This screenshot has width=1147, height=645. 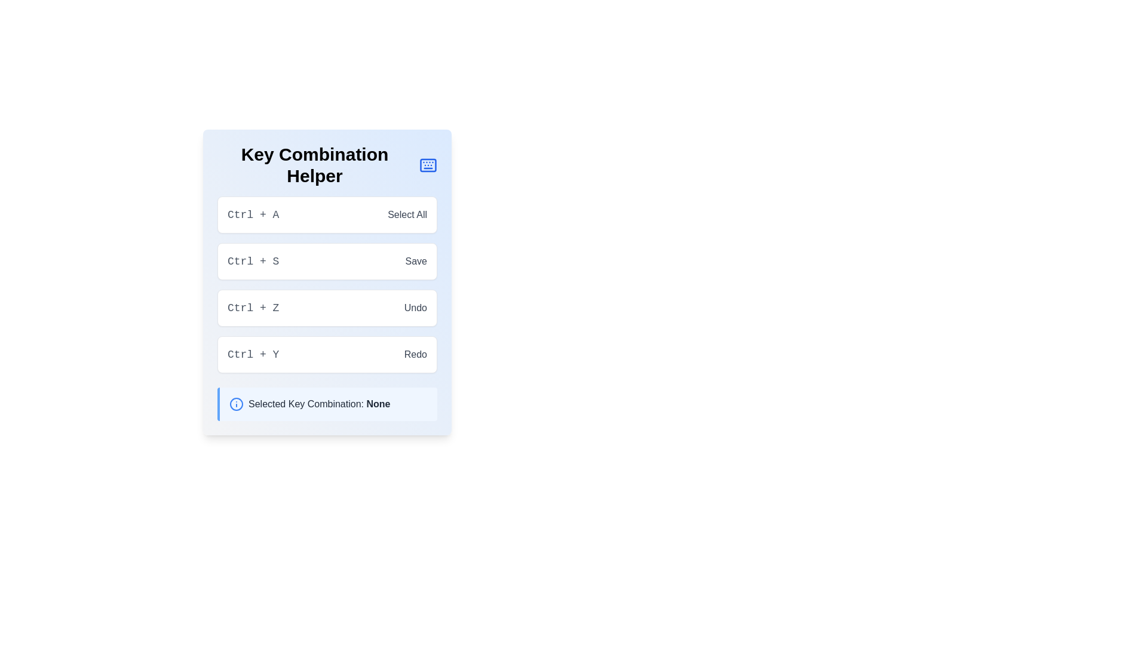 What do you see at coordinates (327, 404) in the screenshot?
I see `displayed text in the blue notification area which shows 'Selected Key Combination: None'` at bounding box center [327, 404].